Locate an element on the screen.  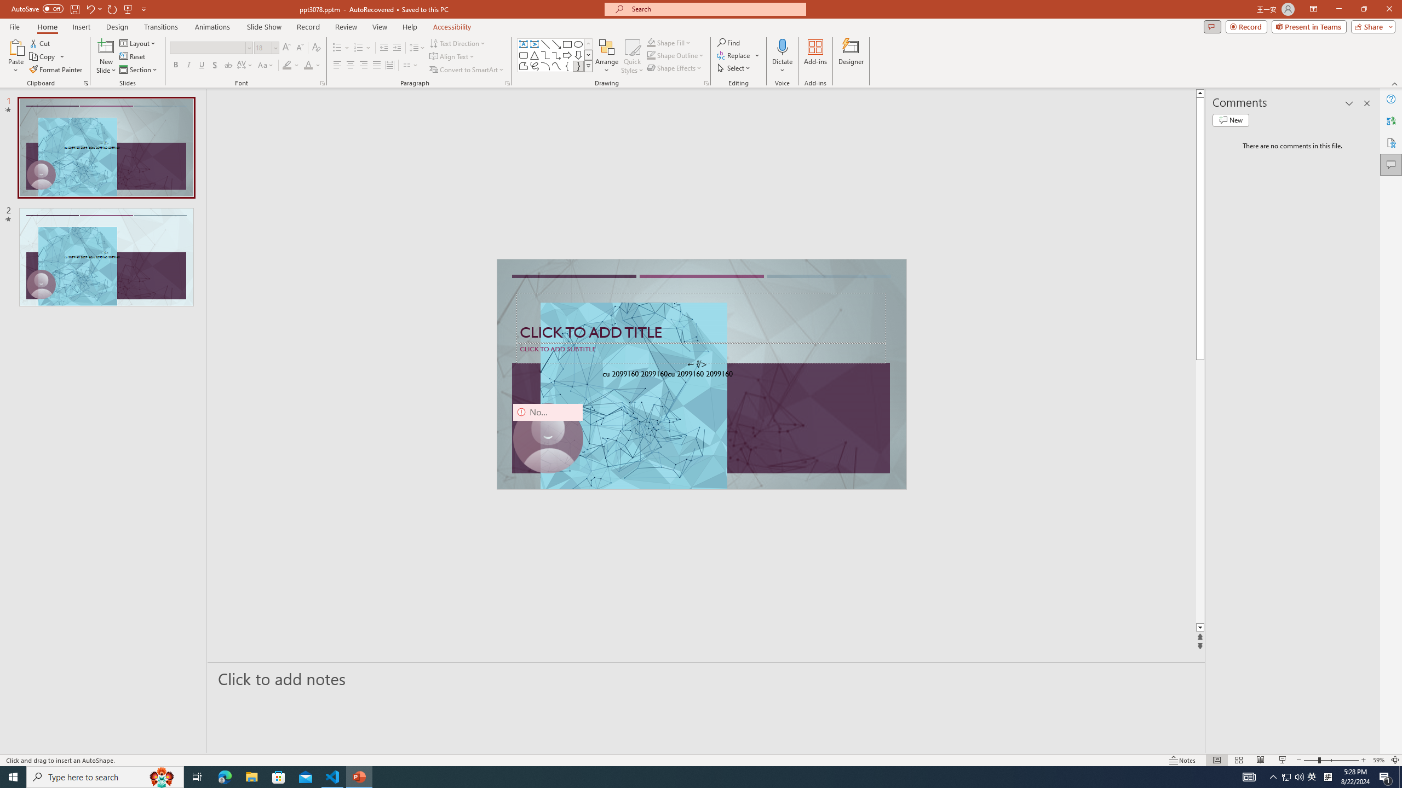
'Align Left' is located at coordinates (337, 65).